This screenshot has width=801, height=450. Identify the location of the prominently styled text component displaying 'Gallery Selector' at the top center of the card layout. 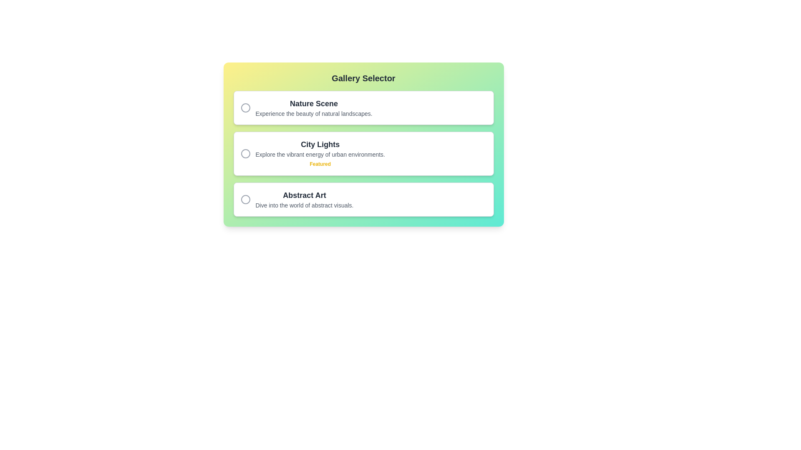
(363, 78).